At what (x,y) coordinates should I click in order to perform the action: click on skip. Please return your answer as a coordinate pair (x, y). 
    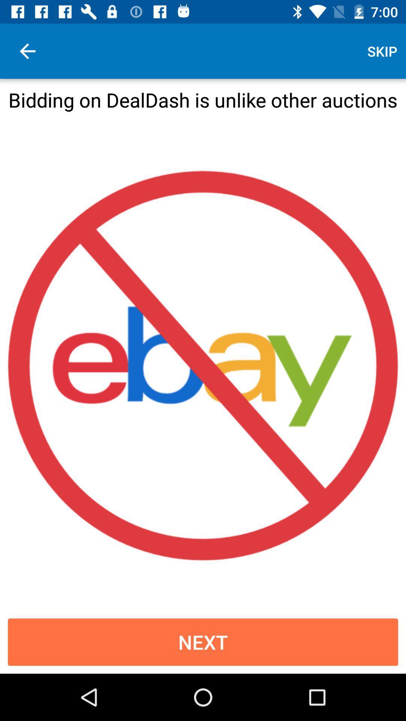
    Looking at the image, I should click on (382, 51).